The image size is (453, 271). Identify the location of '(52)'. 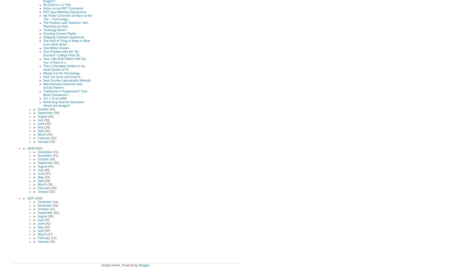
(49, 191).